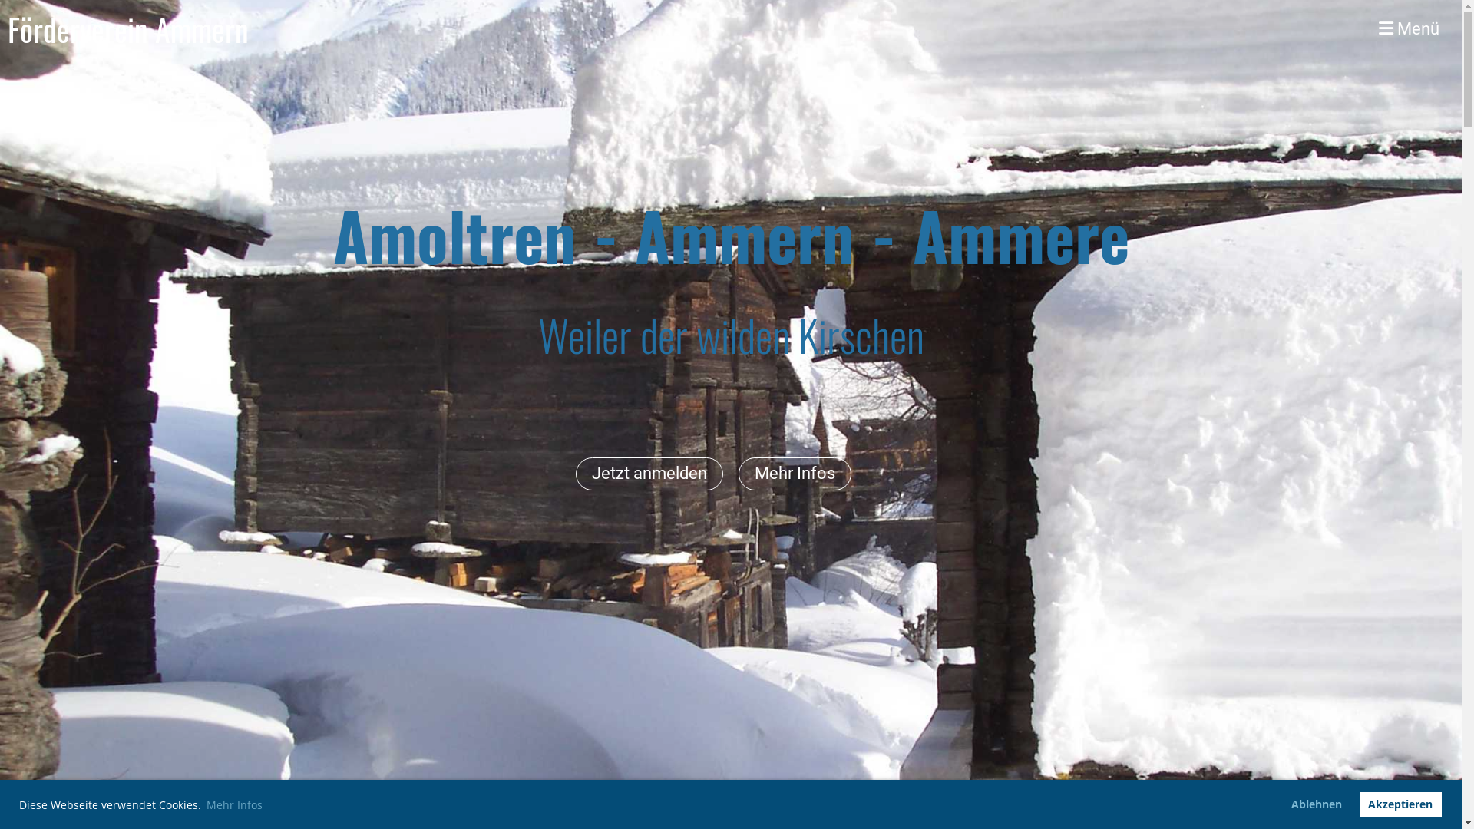 Image resolution: width=1474 pixels, height=829 pixels. I want to click on 'Jetzt anmelden', so click(649, 473).